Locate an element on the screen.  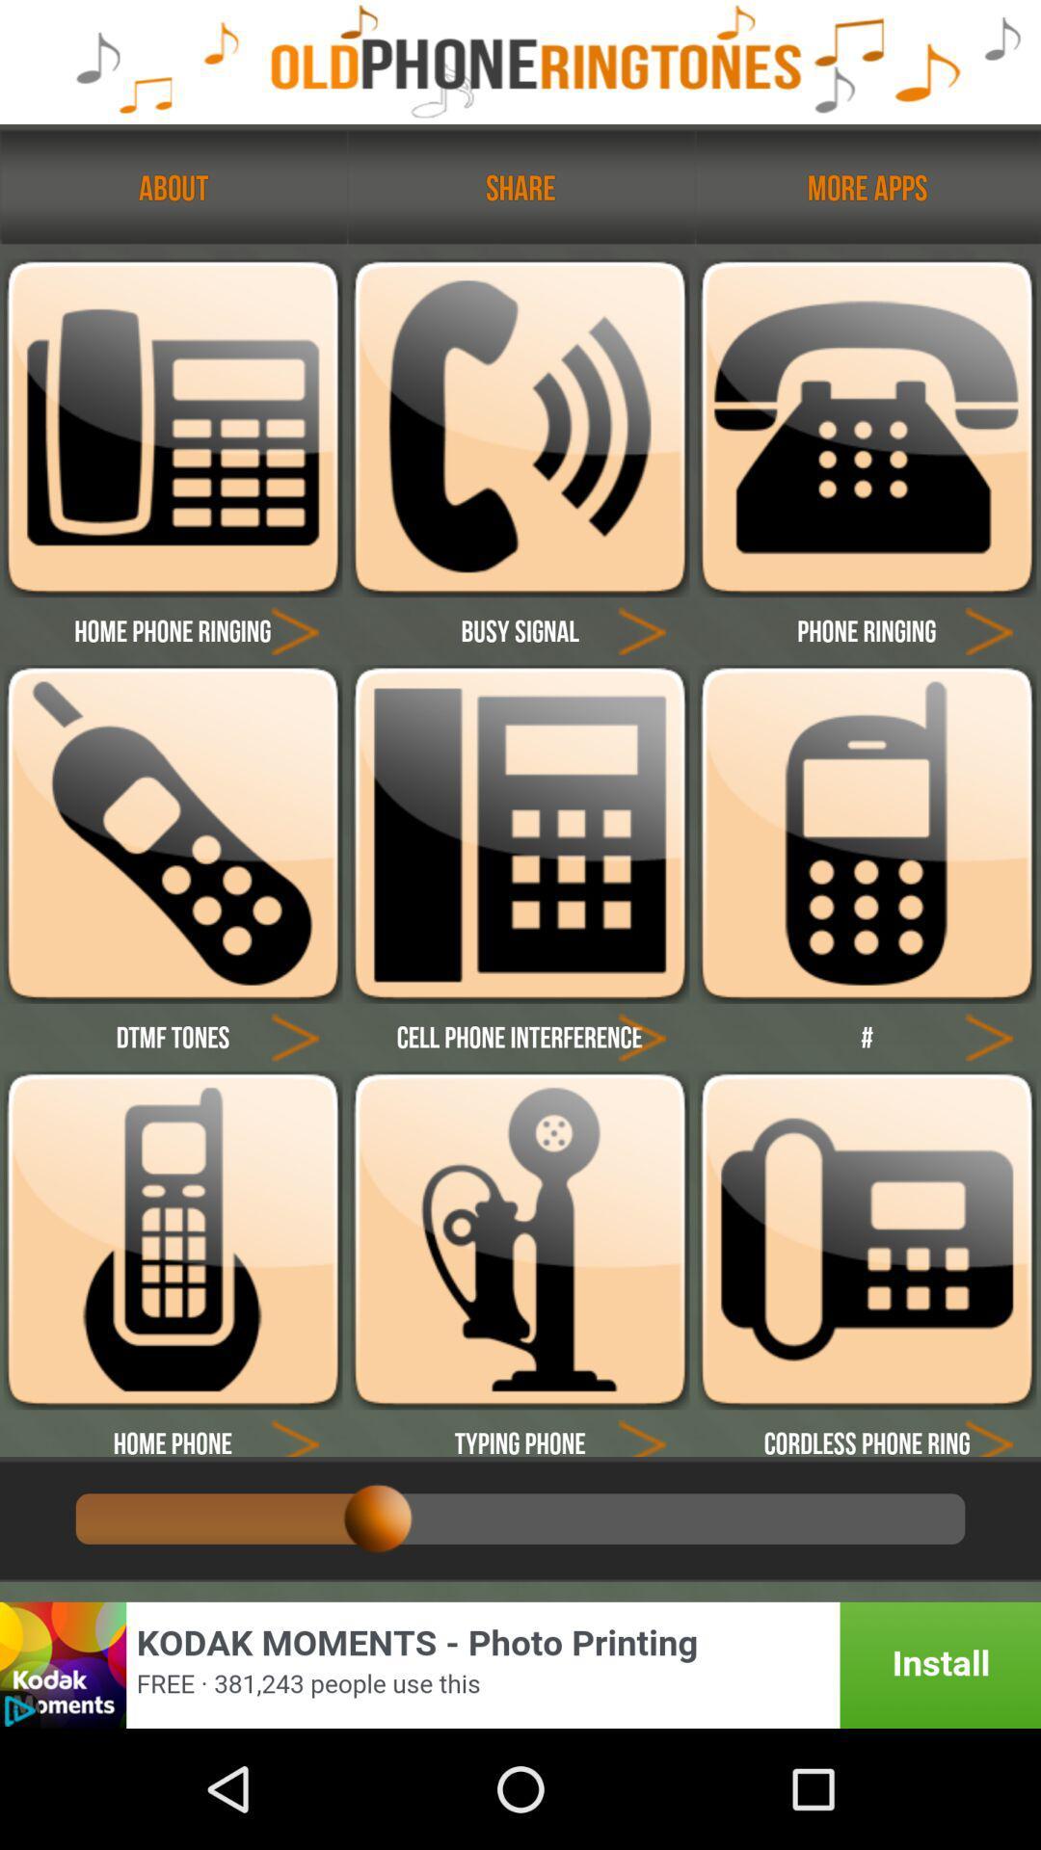
the option typing phone is located at coordinates (519, 1433).